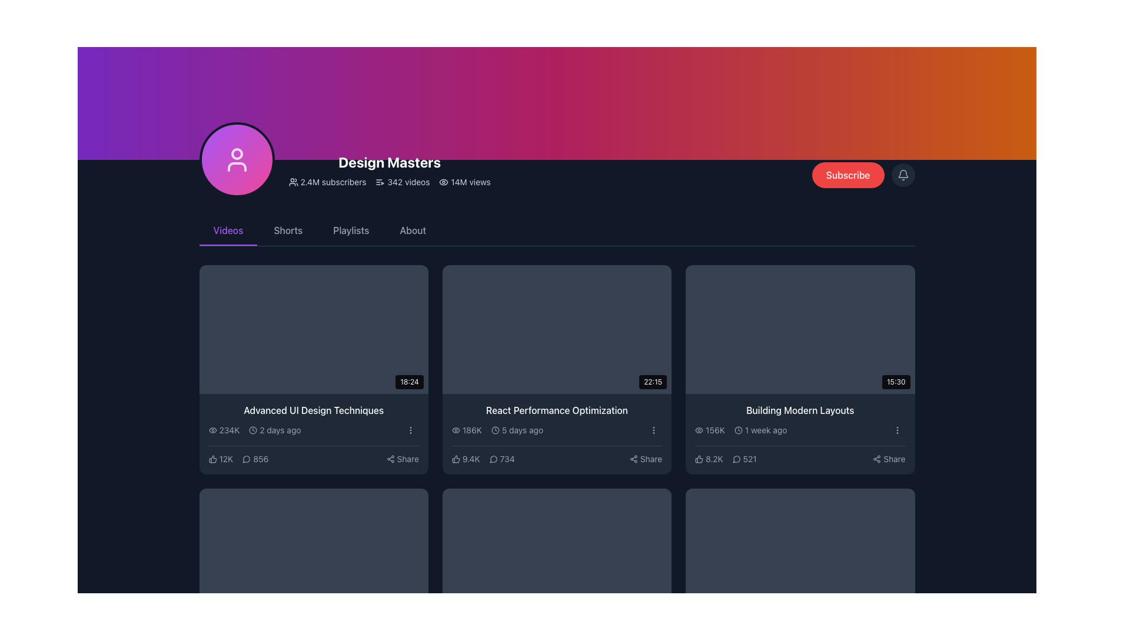 Image resolution: width=1130 pixels, height=635 pixels. Describe the element at coordinates (800, 434) in the screenshot. I see `the informational card located` at that location.